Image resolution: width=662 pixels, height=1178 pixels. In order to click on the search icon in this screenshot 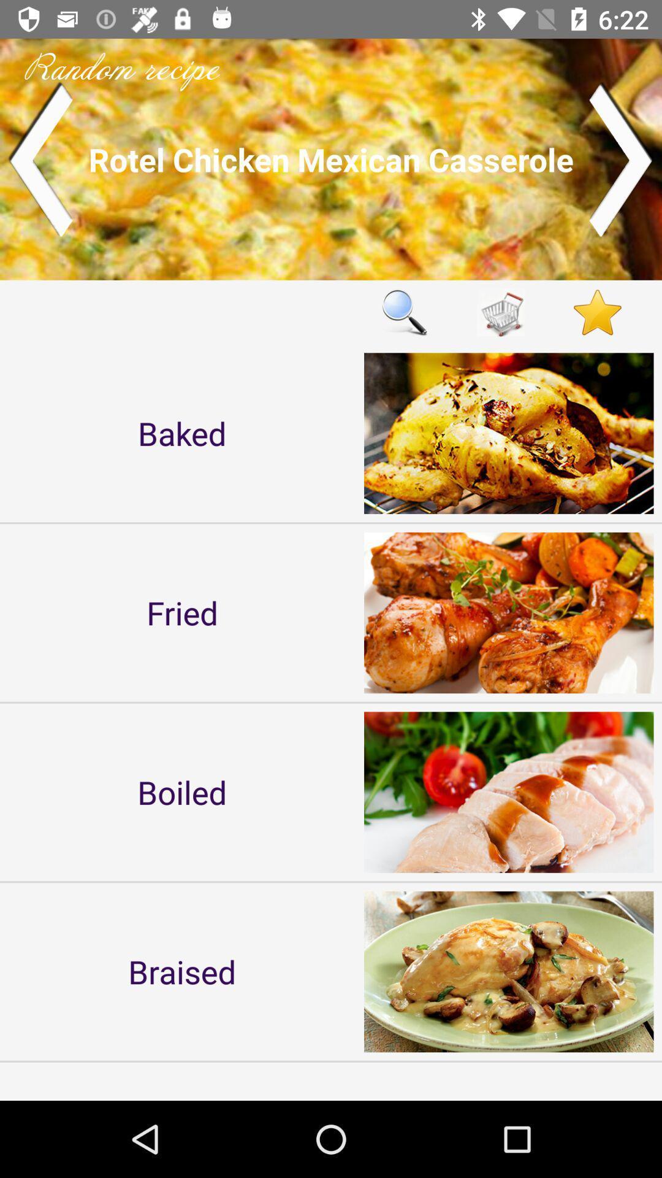, I will do `click(404, 312)`.